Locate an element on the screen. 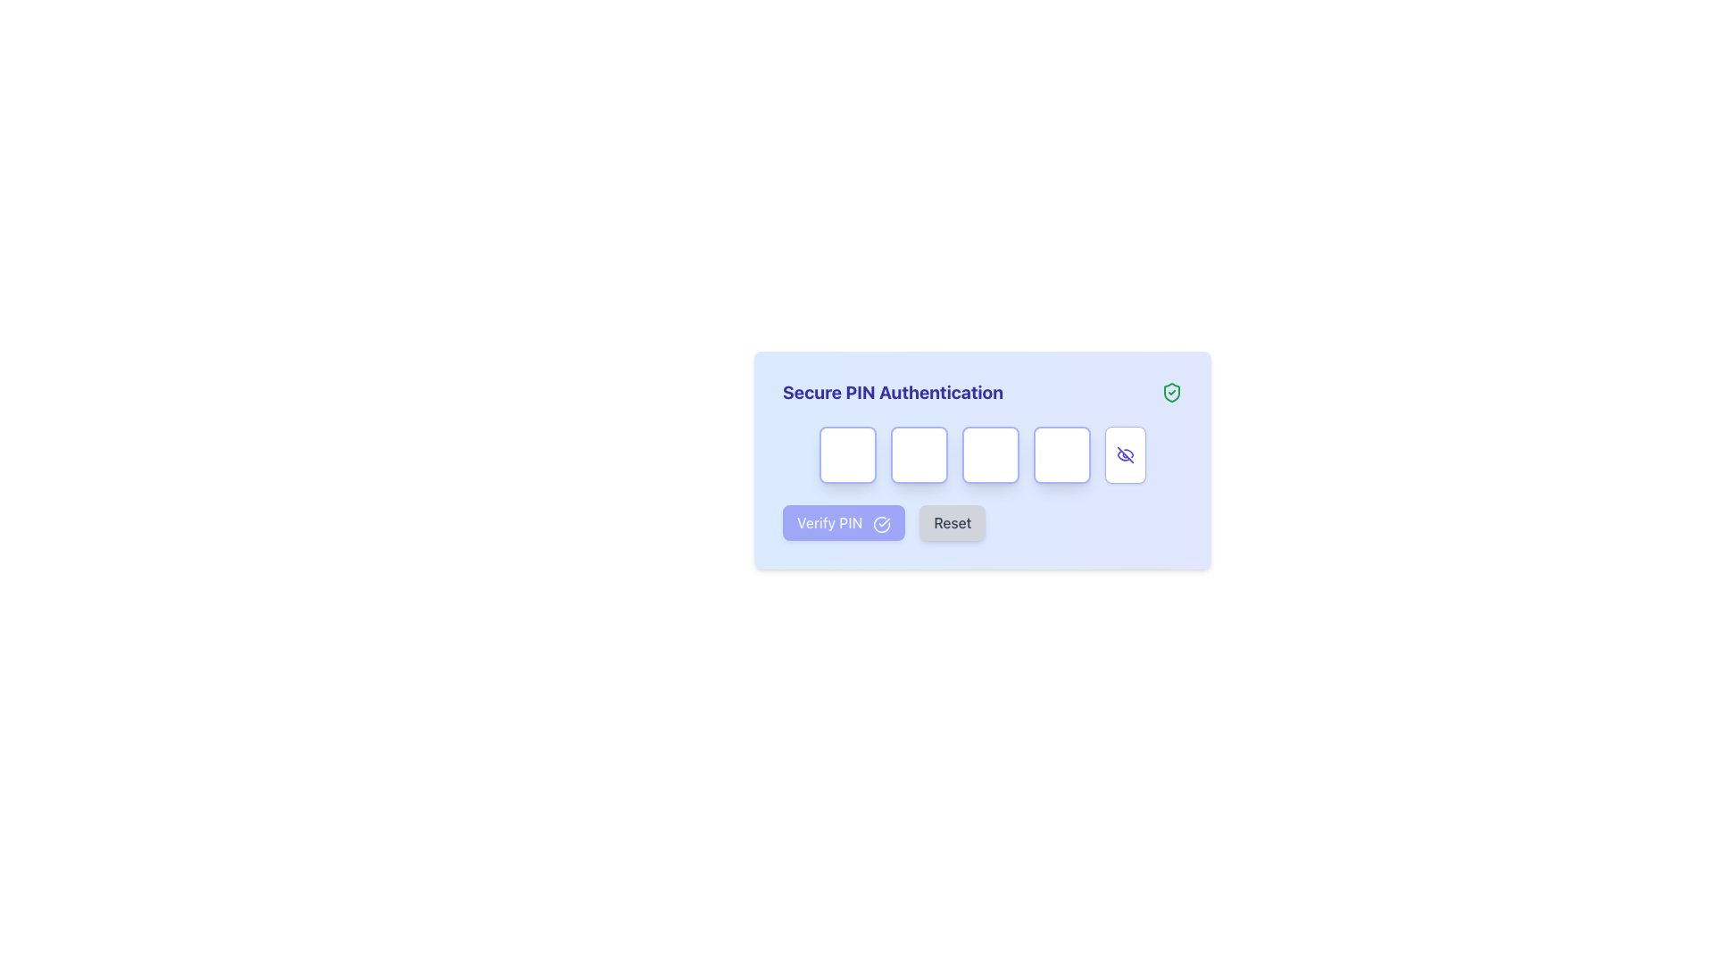  the confirmation icon located to the right of the 'Verify PIN' button, which indicates success or confirmation is located at coordinates (882, 523).